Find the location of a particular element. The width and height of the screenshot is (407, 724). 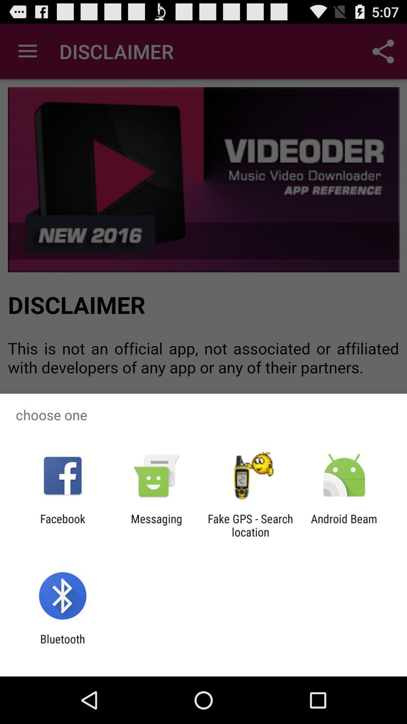

the messaging is located at coordinates (156, 525).